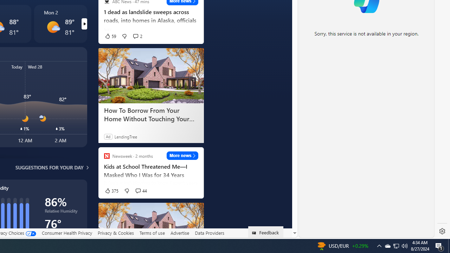 The height and width of the screenshot is (253, 450). I want to click on 'Data Providers', so click(209, 233).